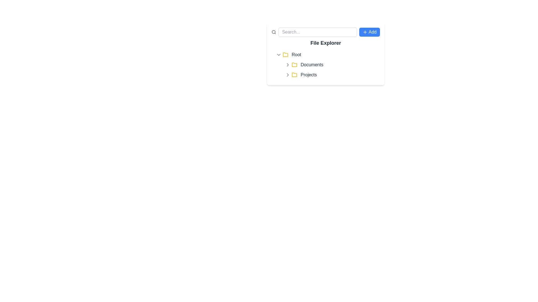  Describe the element at coordinates (327, 55) in the screenshot. I see `the arrow on the collapsible menu item located at the top of the main display section of the file explorer` at that location.